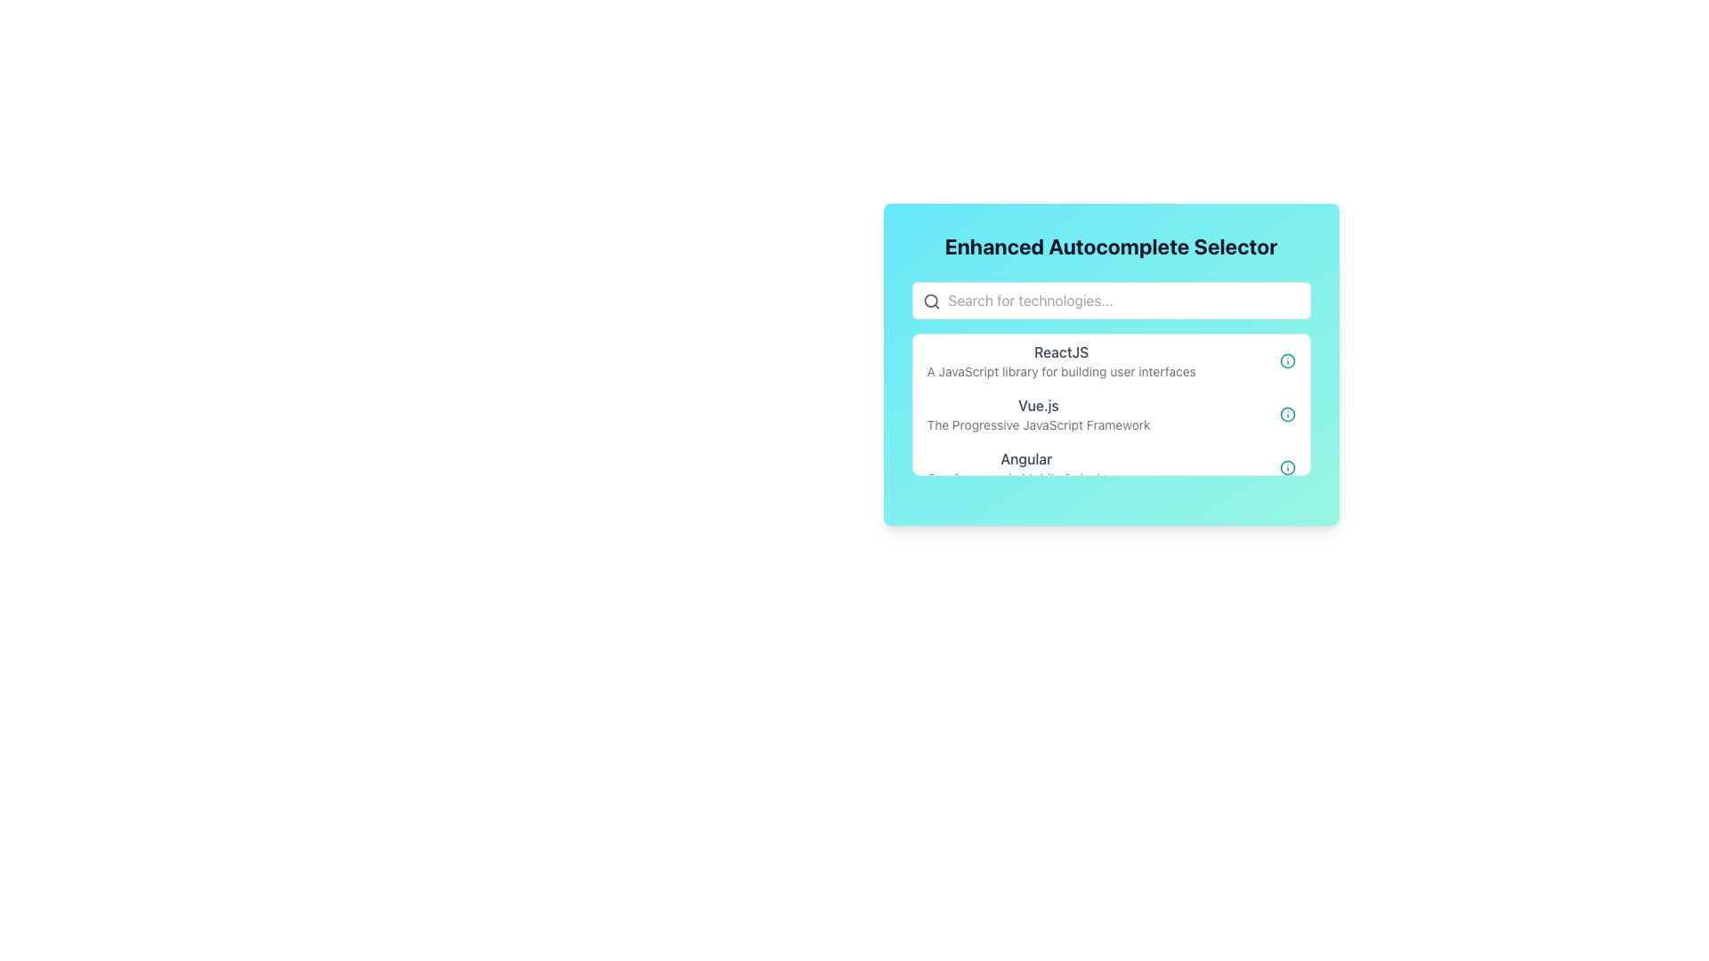 Image resolution: width=1709 pixels, height=961 pixels. I want to click on the first list item, so click(1110, 360).